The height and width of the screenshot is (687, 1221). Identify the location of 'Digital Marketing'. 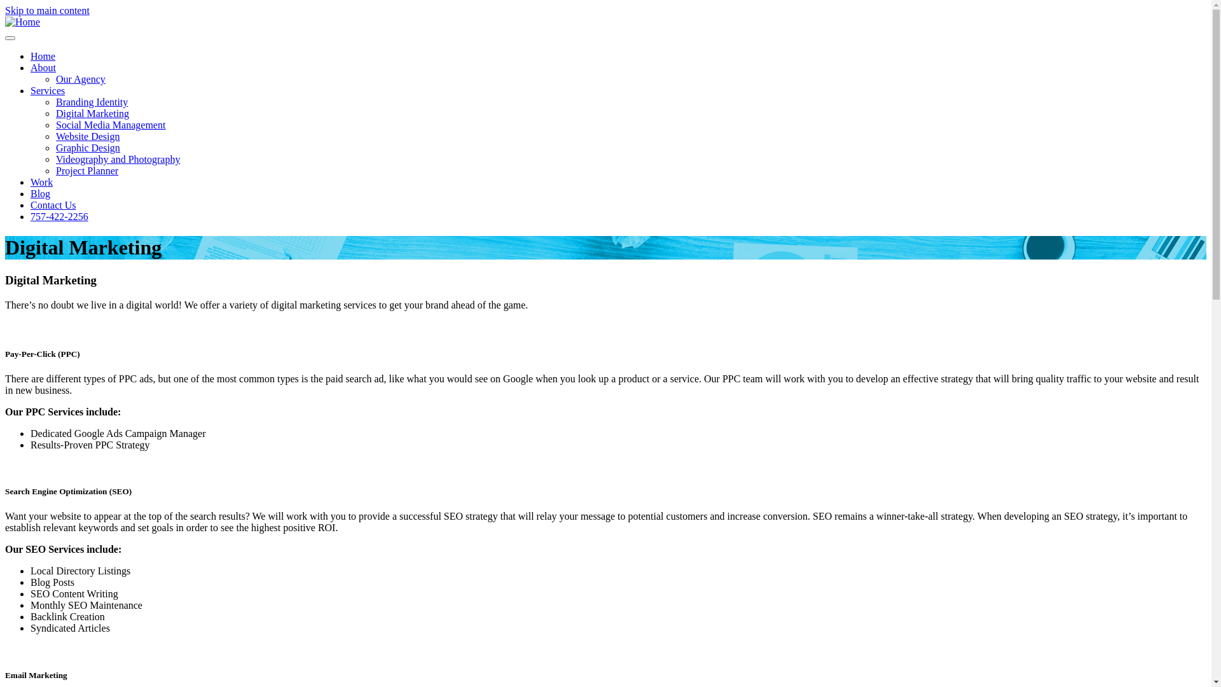
(55, 113).